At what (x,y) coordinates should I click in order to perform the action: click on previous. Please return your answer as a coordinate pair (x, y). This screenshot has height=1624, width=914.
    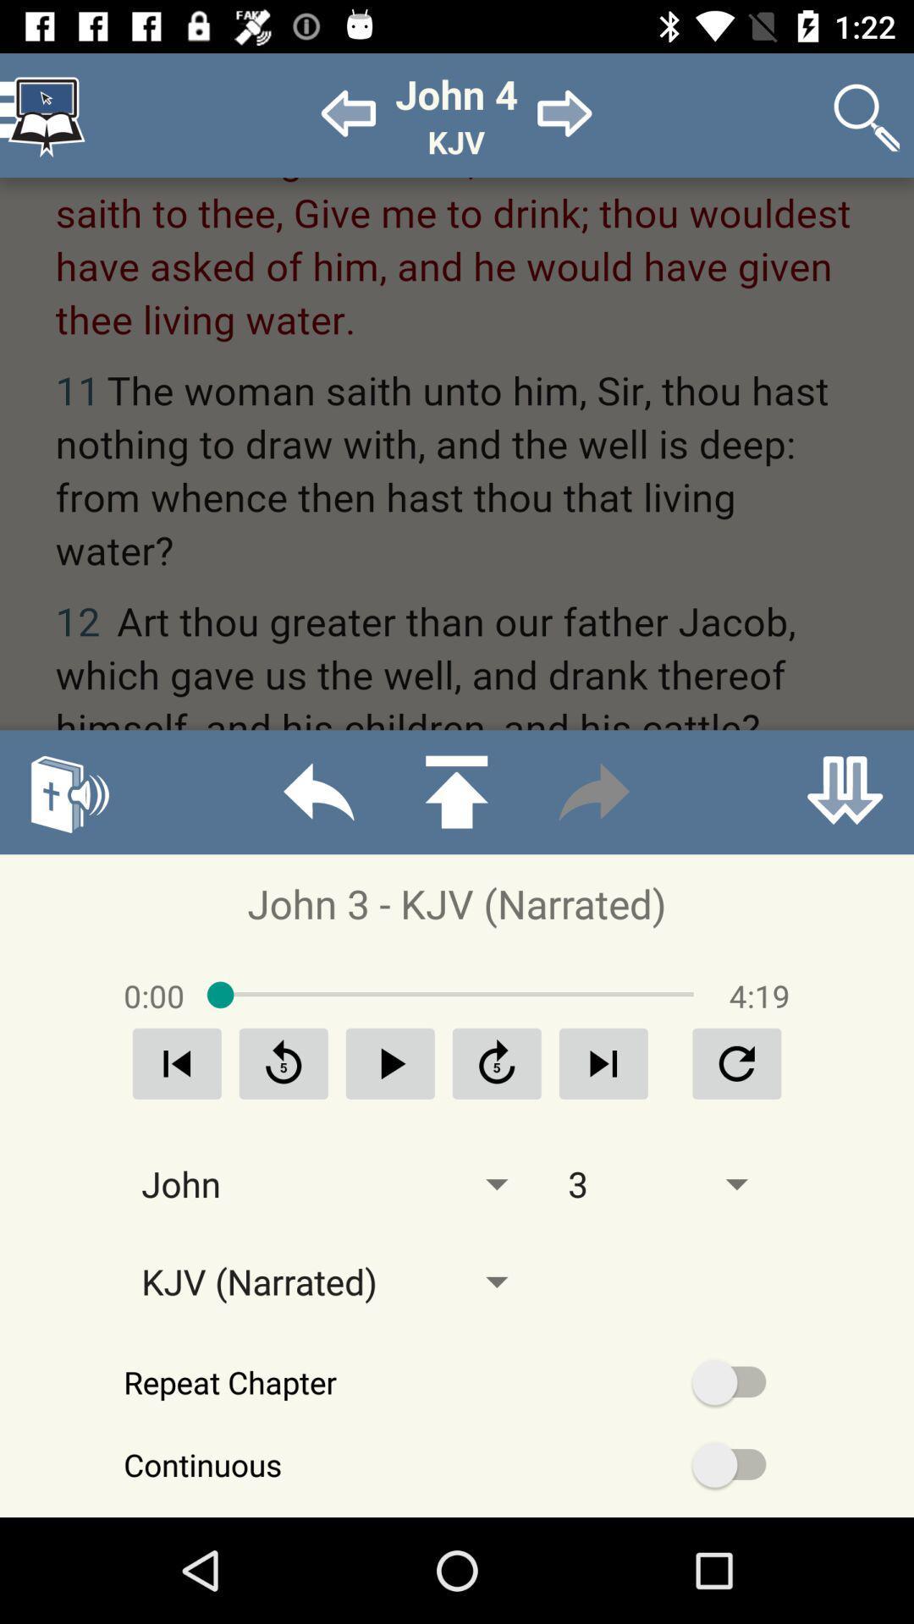
    Looking at the image, I should click on (318, 791).